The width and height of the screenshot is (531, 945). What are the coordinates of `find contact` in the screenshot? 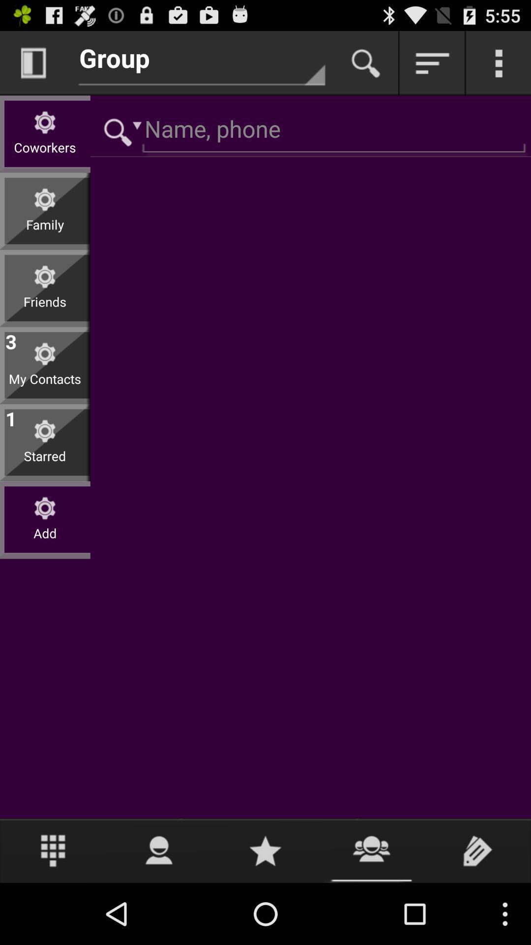 It's located at (372, 850).